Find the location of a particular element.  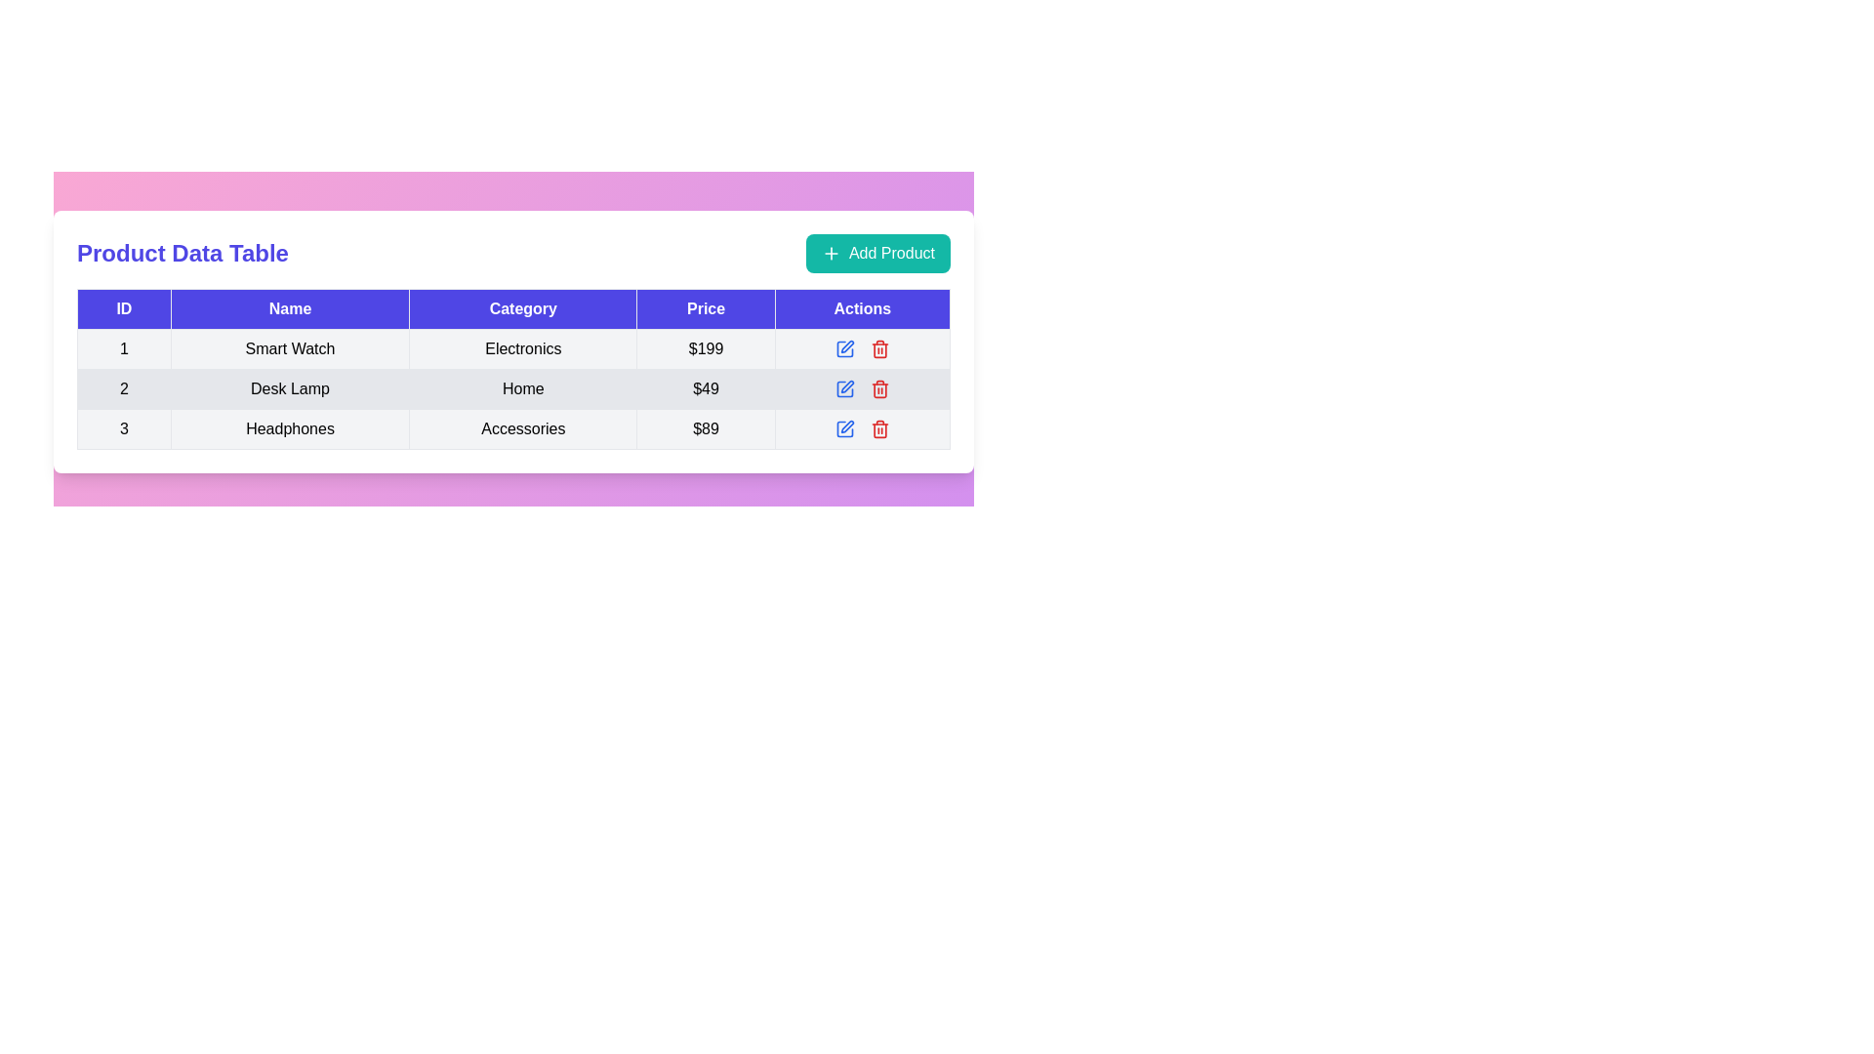

the Text Display that shows the price for the 'Desk Lamp' located in the fourth column of the second row of the table, adjacent to the 'Home' category on the left and the 'Actions' column on the right is located at coordinates (705, 388).